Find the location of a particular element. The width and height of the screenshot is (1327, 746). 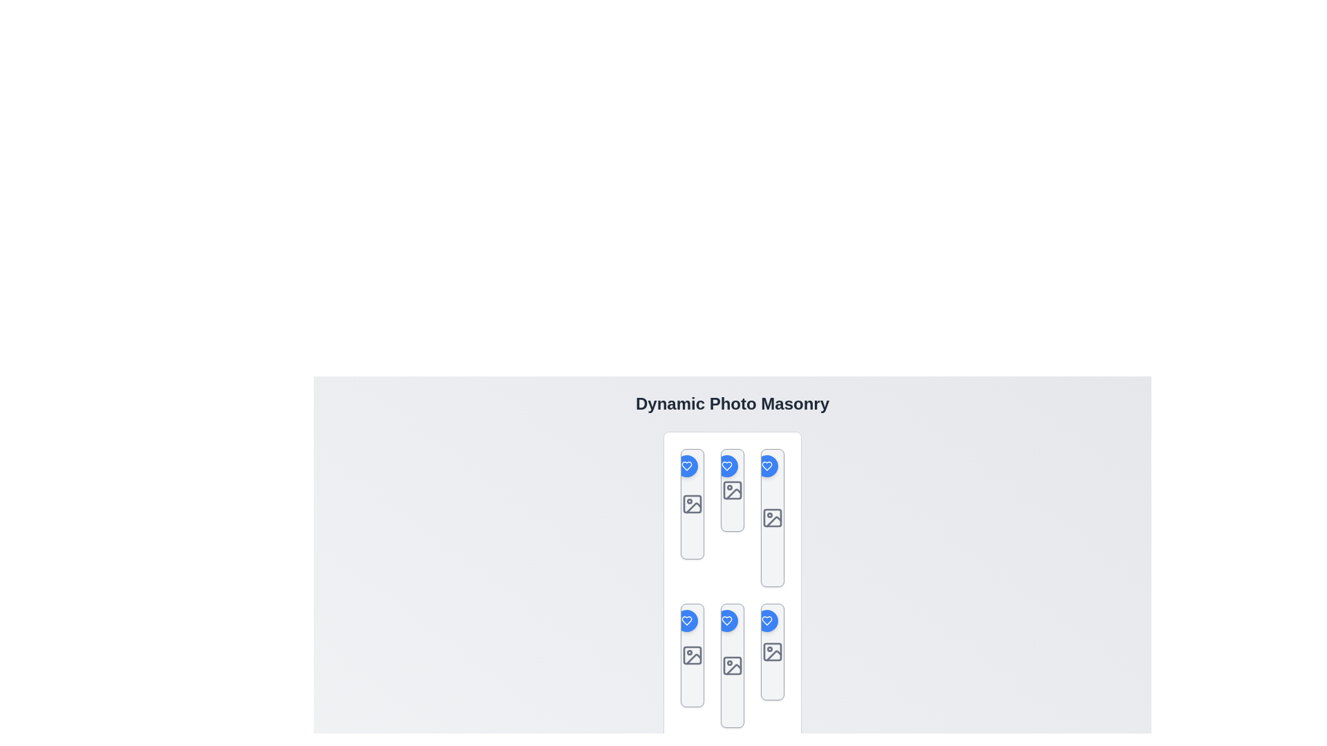

the favorite or like button located in the upper-right corner of its card is located at coordinates (766, 620).